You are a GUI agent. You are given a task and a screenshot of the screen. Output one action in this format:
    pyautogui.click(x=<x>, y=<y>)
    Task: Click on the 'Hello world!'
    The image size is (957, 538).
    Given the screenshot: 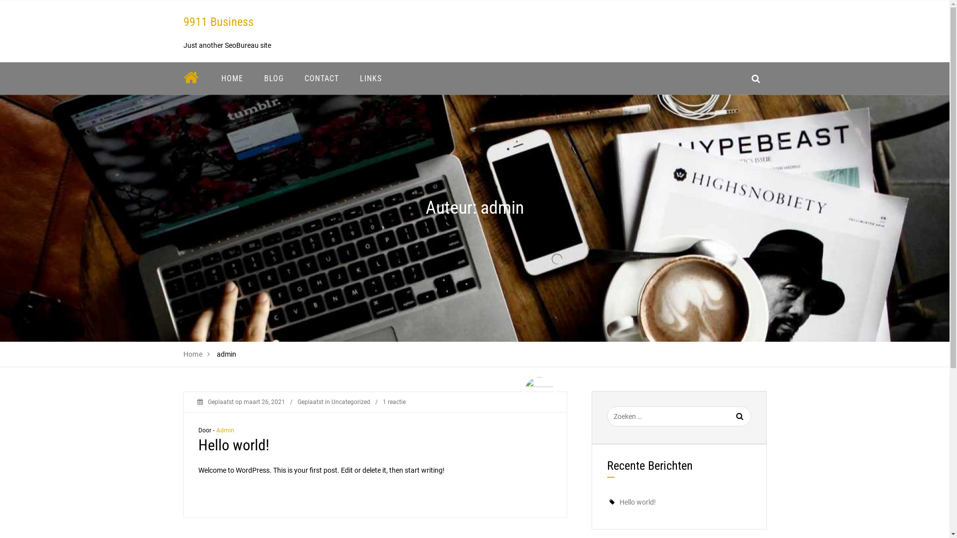 What is the action you would take?
    pyautogui.click(x=637, y=502)
    